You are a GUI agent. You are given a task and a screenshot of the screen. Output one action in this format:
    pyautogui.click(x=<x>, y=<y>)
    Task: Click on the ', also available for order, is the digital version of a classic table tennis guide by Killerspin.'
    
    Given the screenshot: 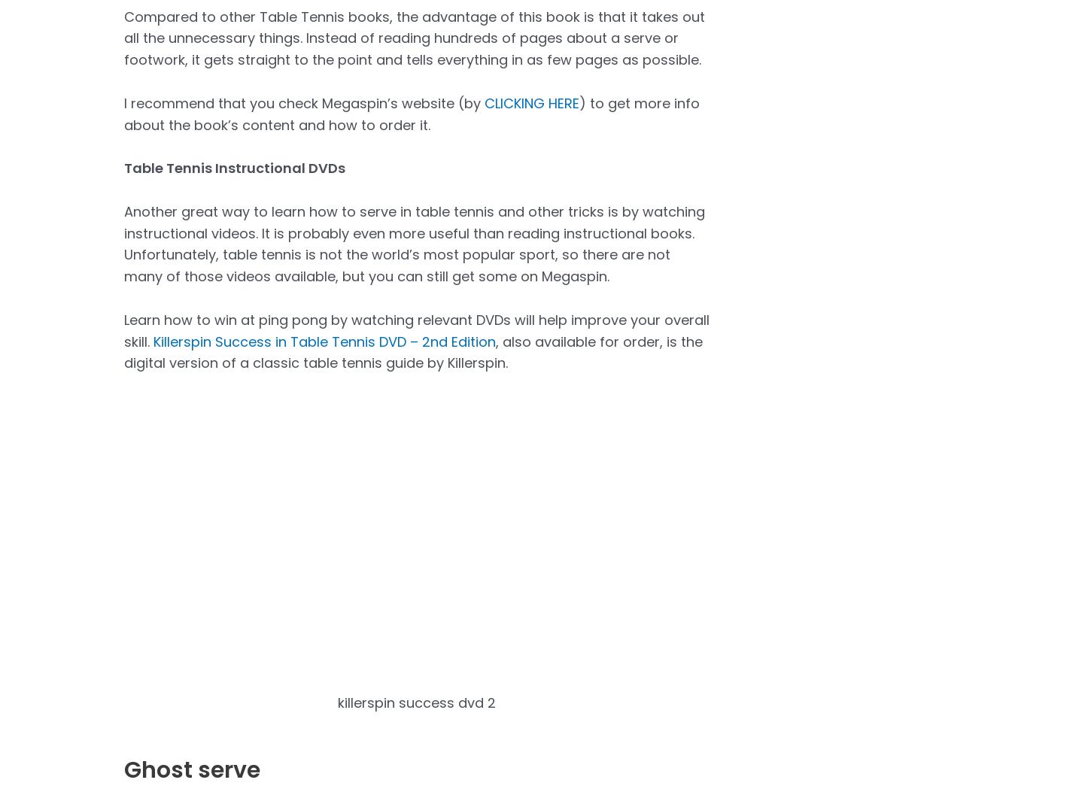 What is the action you would take?
    pyautogui.click(x=413, y=352)
    